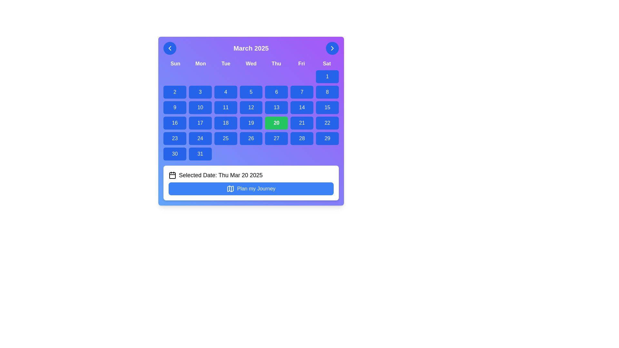 Image resolution: width=619 pixels, height=348 pixels. I want to click on the rectangular button displaying the number '29' with a blue background in the calendar grid, so click(327, 138).